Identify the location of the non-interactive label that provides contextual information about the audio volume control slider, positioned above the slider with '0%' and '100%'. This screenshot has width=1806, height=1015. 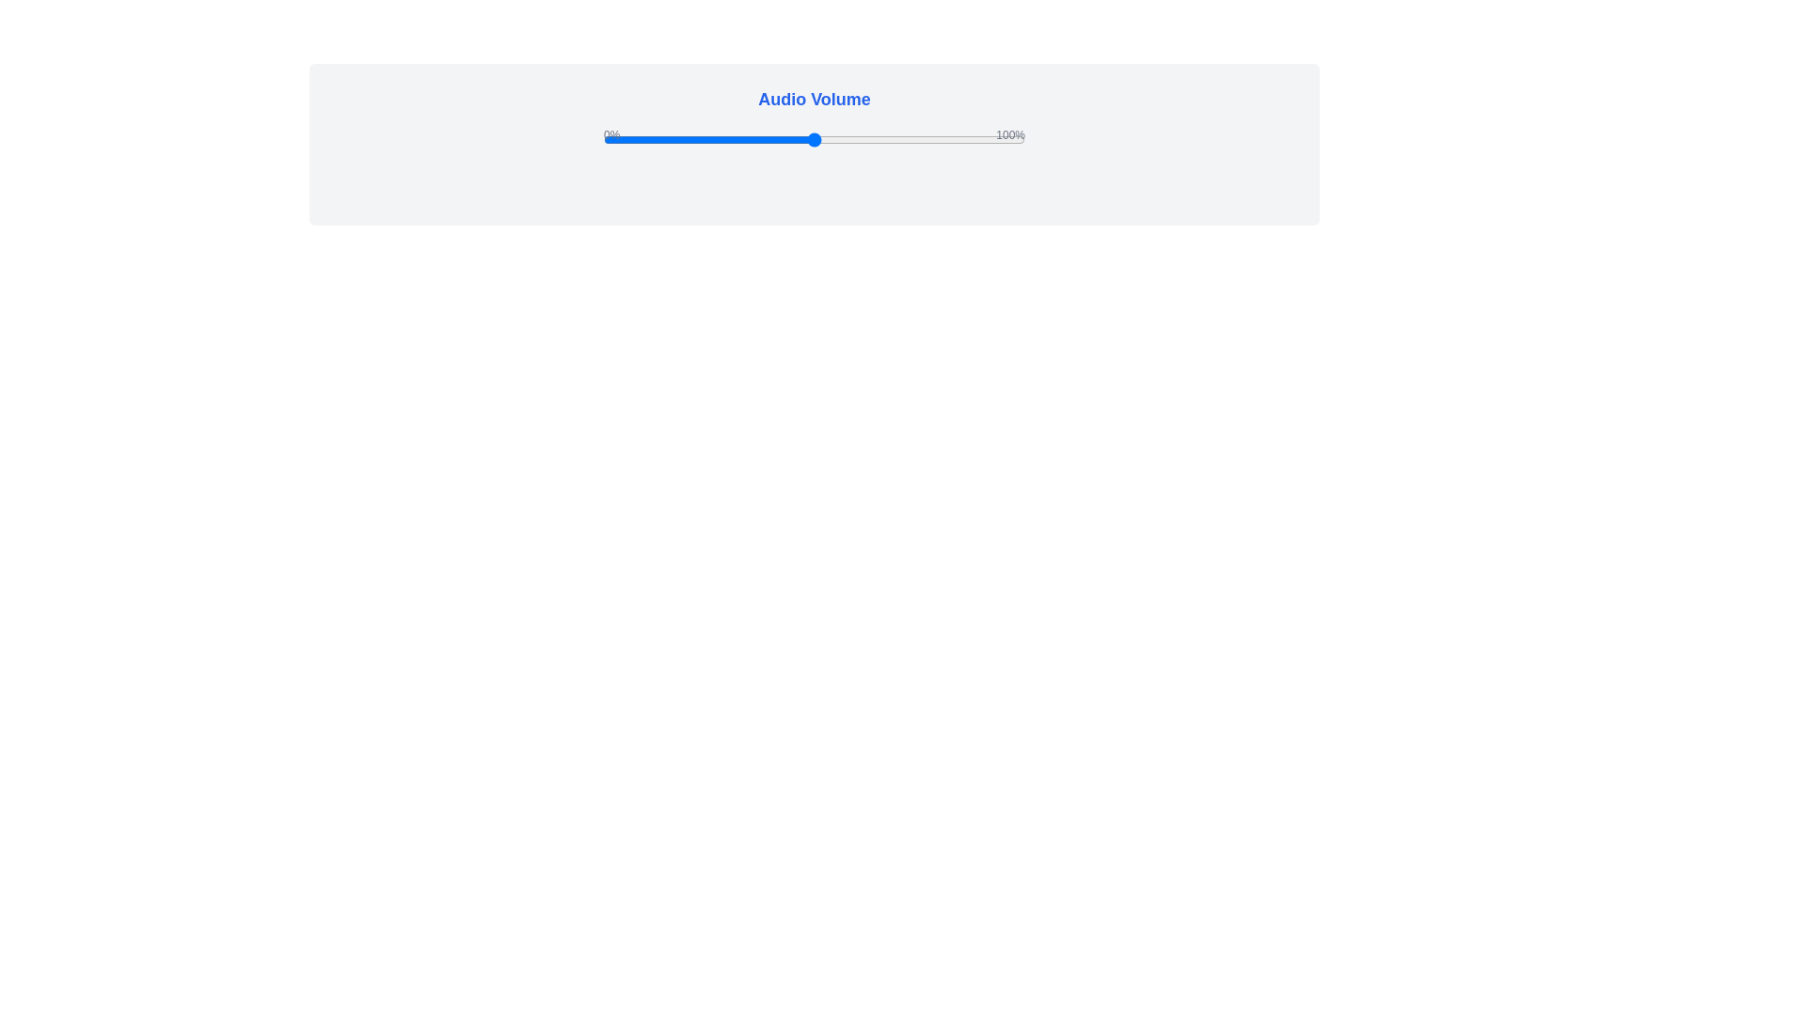
(814, 99).